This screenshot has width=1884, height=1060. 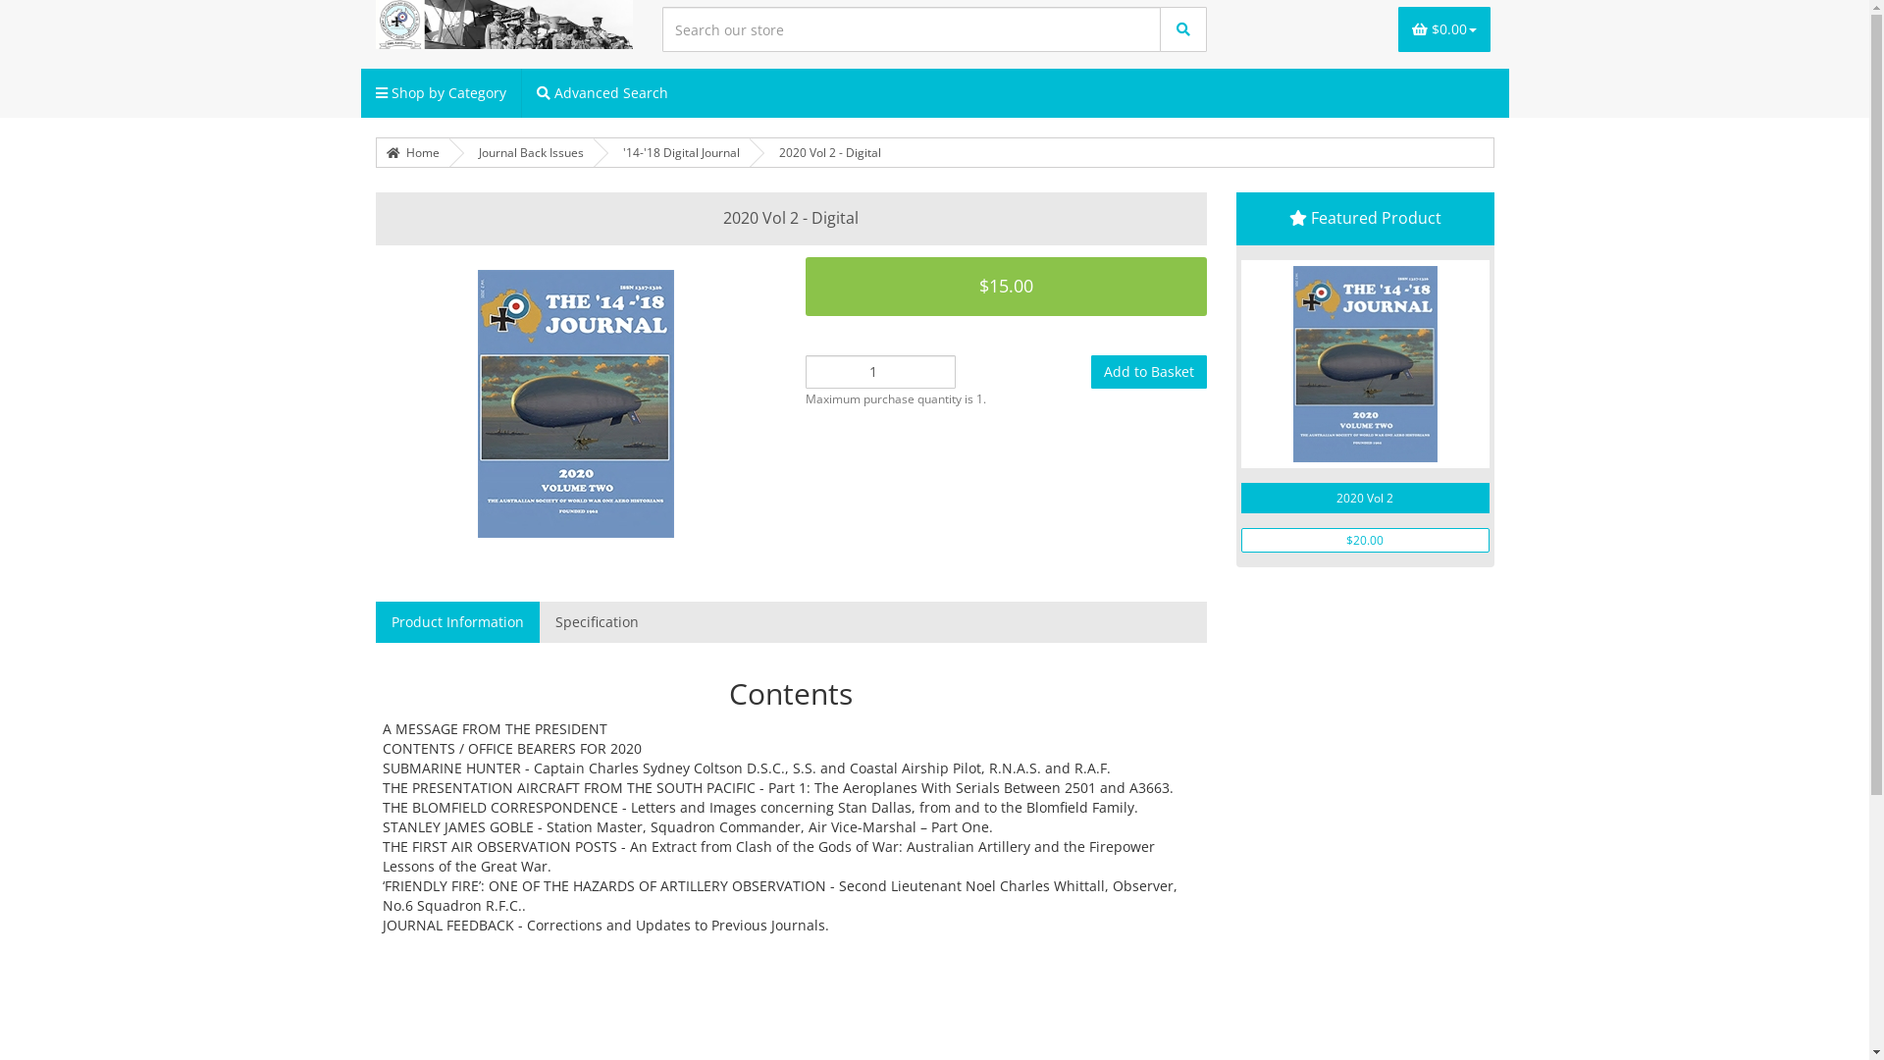 What do you see at coordinates (596, 621) in the screenshot?
I see `'Specification'` at bounding box center [596, 621].